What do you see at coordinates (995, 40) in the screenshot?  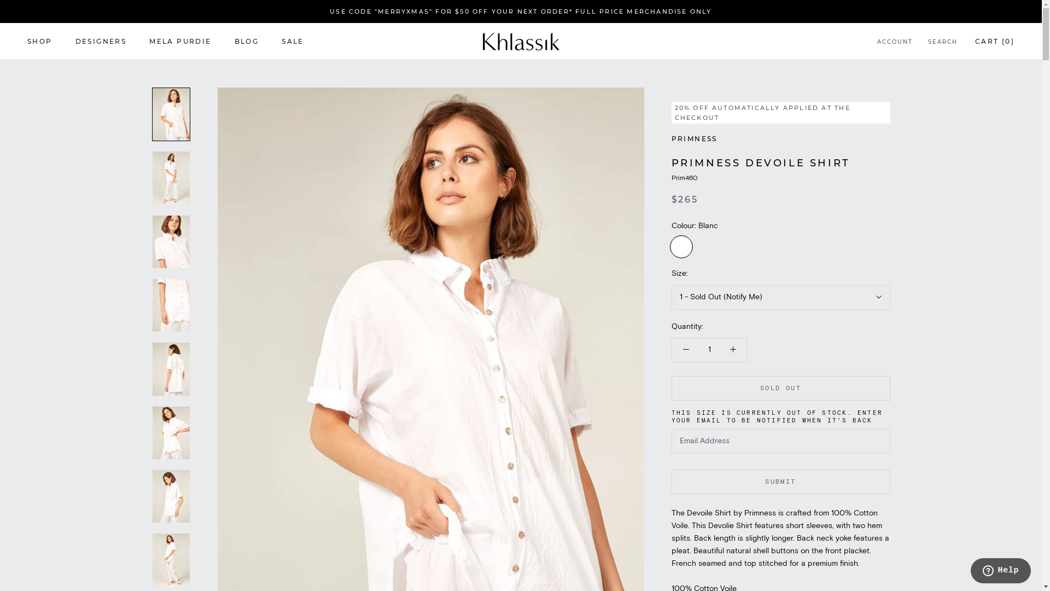 I see `'CART (0)'` at bounding box center [995, 40].